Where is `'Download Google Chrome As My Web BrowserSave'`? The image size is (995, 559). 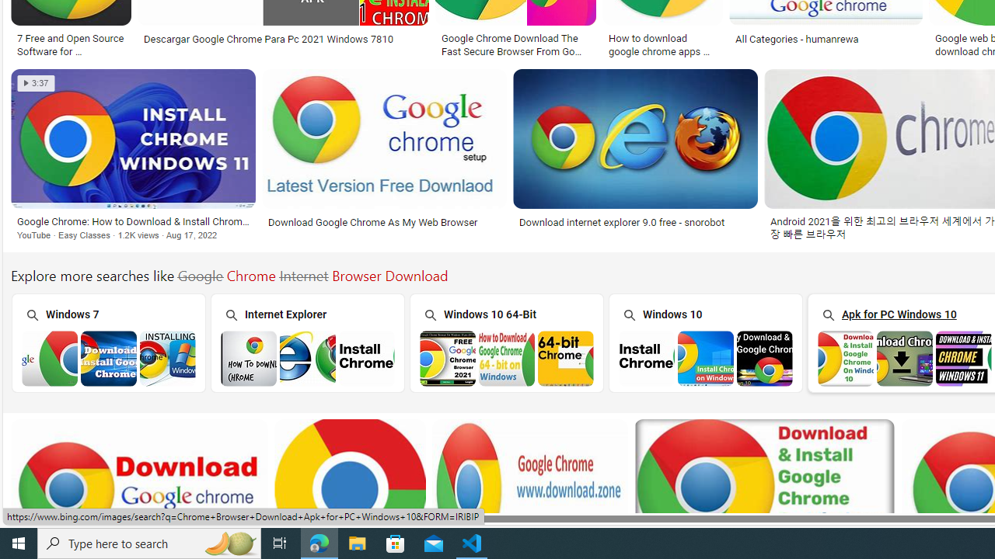 'Download Google Chrome As My Web BrowserSave' is located at coordinates (387, 158).